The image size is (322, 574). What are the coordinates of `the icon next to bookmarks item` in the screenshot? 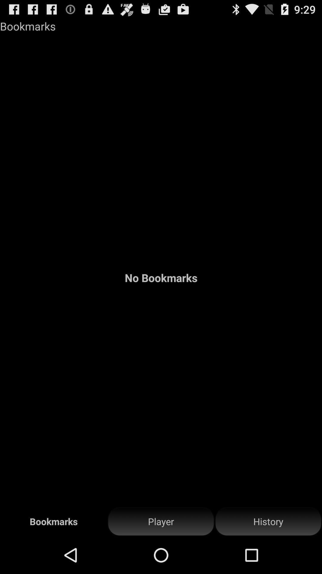 It's located at (161, 521).